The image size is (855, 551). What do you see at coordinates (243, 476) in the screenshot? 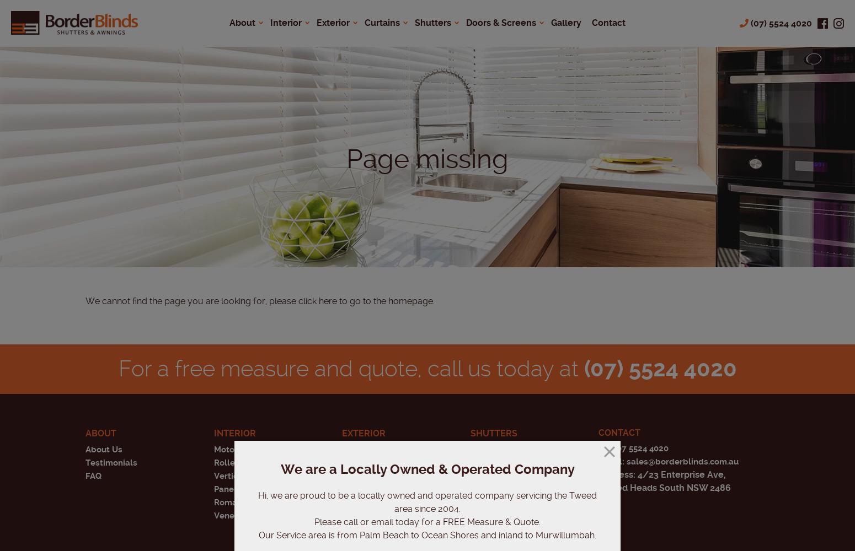
I see `'Vertical Blinds'` at bounding box center [243, 476].